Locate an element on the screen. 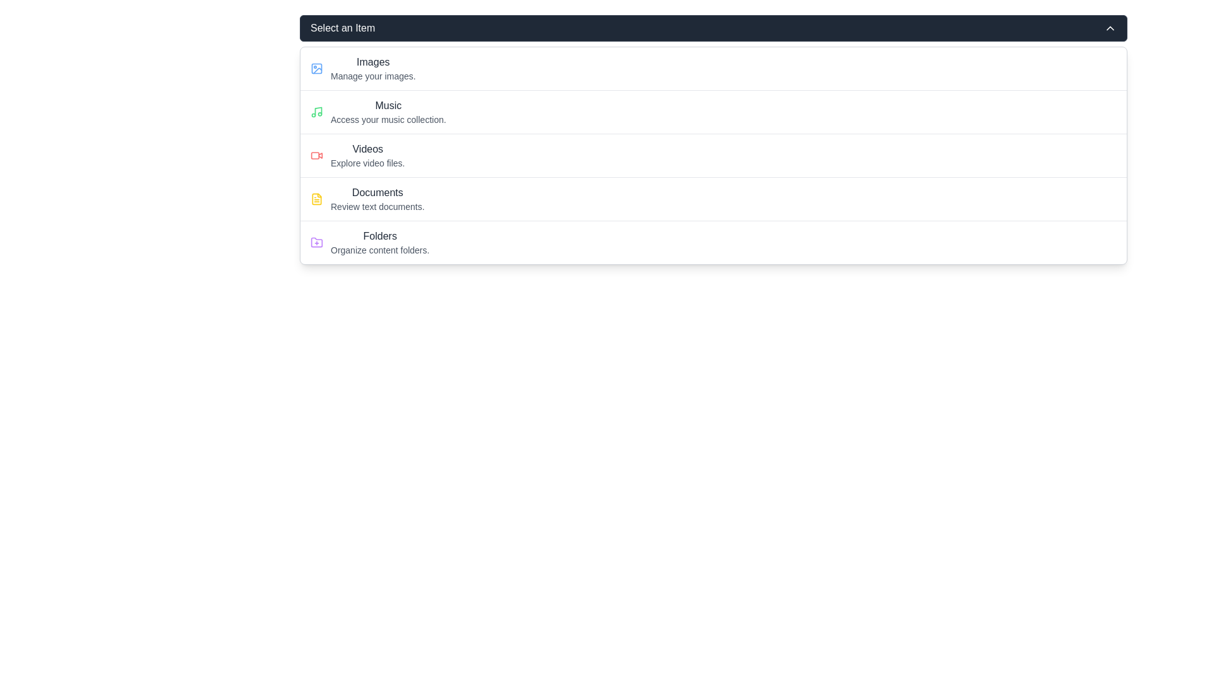 Image resolution: width=1212 pixels, height=681 pixels. the second Text Label in the vertical list, which is positioned below the 'Images' option is located at coordinates (388, 111).